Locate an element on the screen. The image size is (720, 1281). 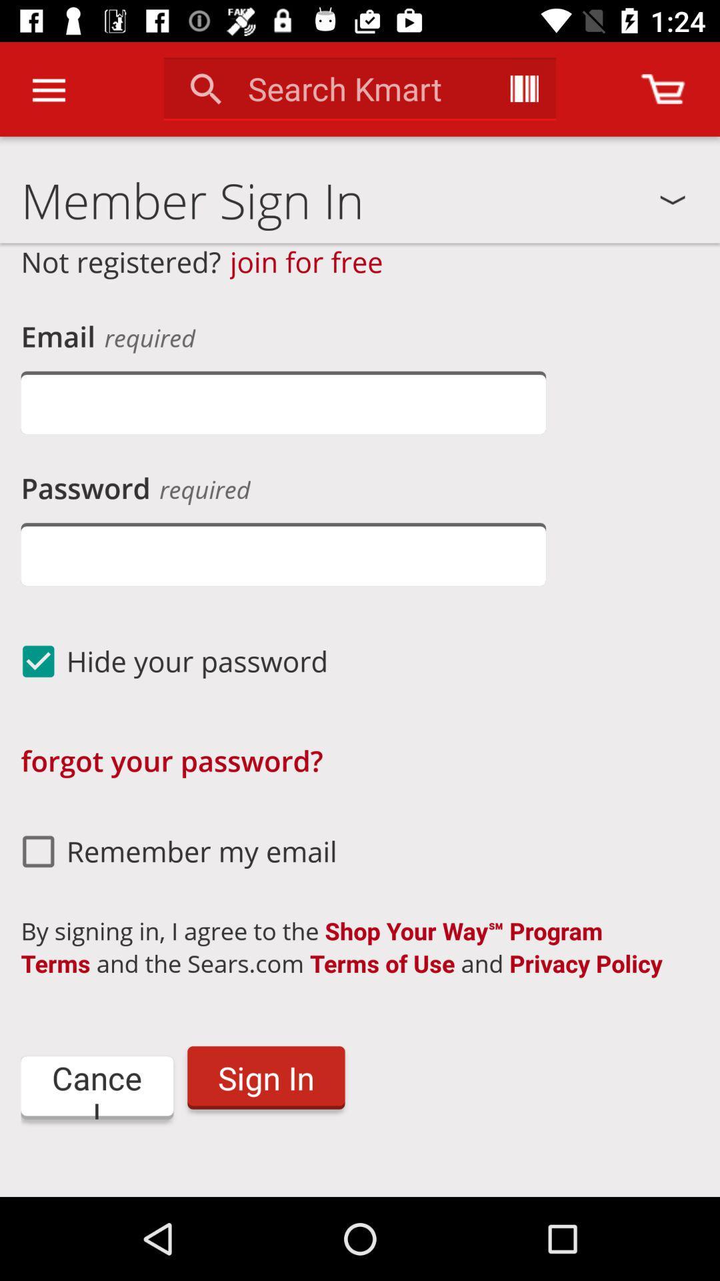
the item next to not registered? item is located at coordinates (306, 262).